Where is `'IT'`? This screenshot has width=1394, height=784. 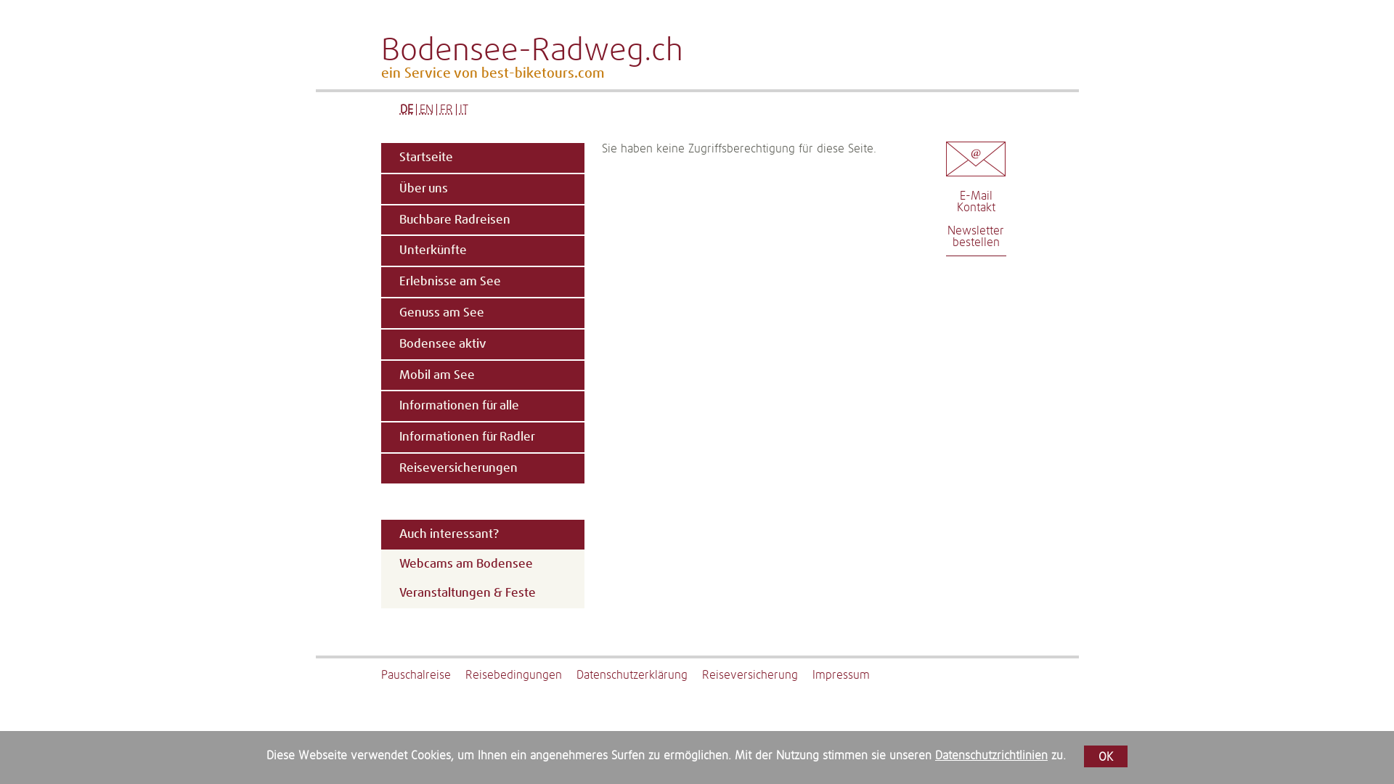 'IT' is located at coordinates (462, 108).